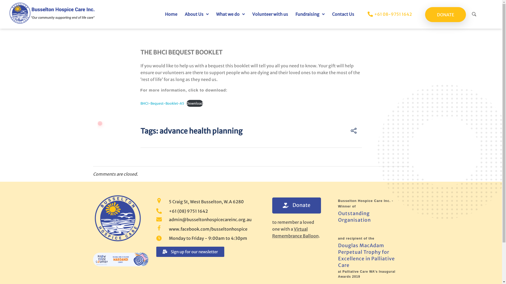 This screenshot has width=506, height=284. I want to click on 'Sign up for our newsletter', so click(155, 251).